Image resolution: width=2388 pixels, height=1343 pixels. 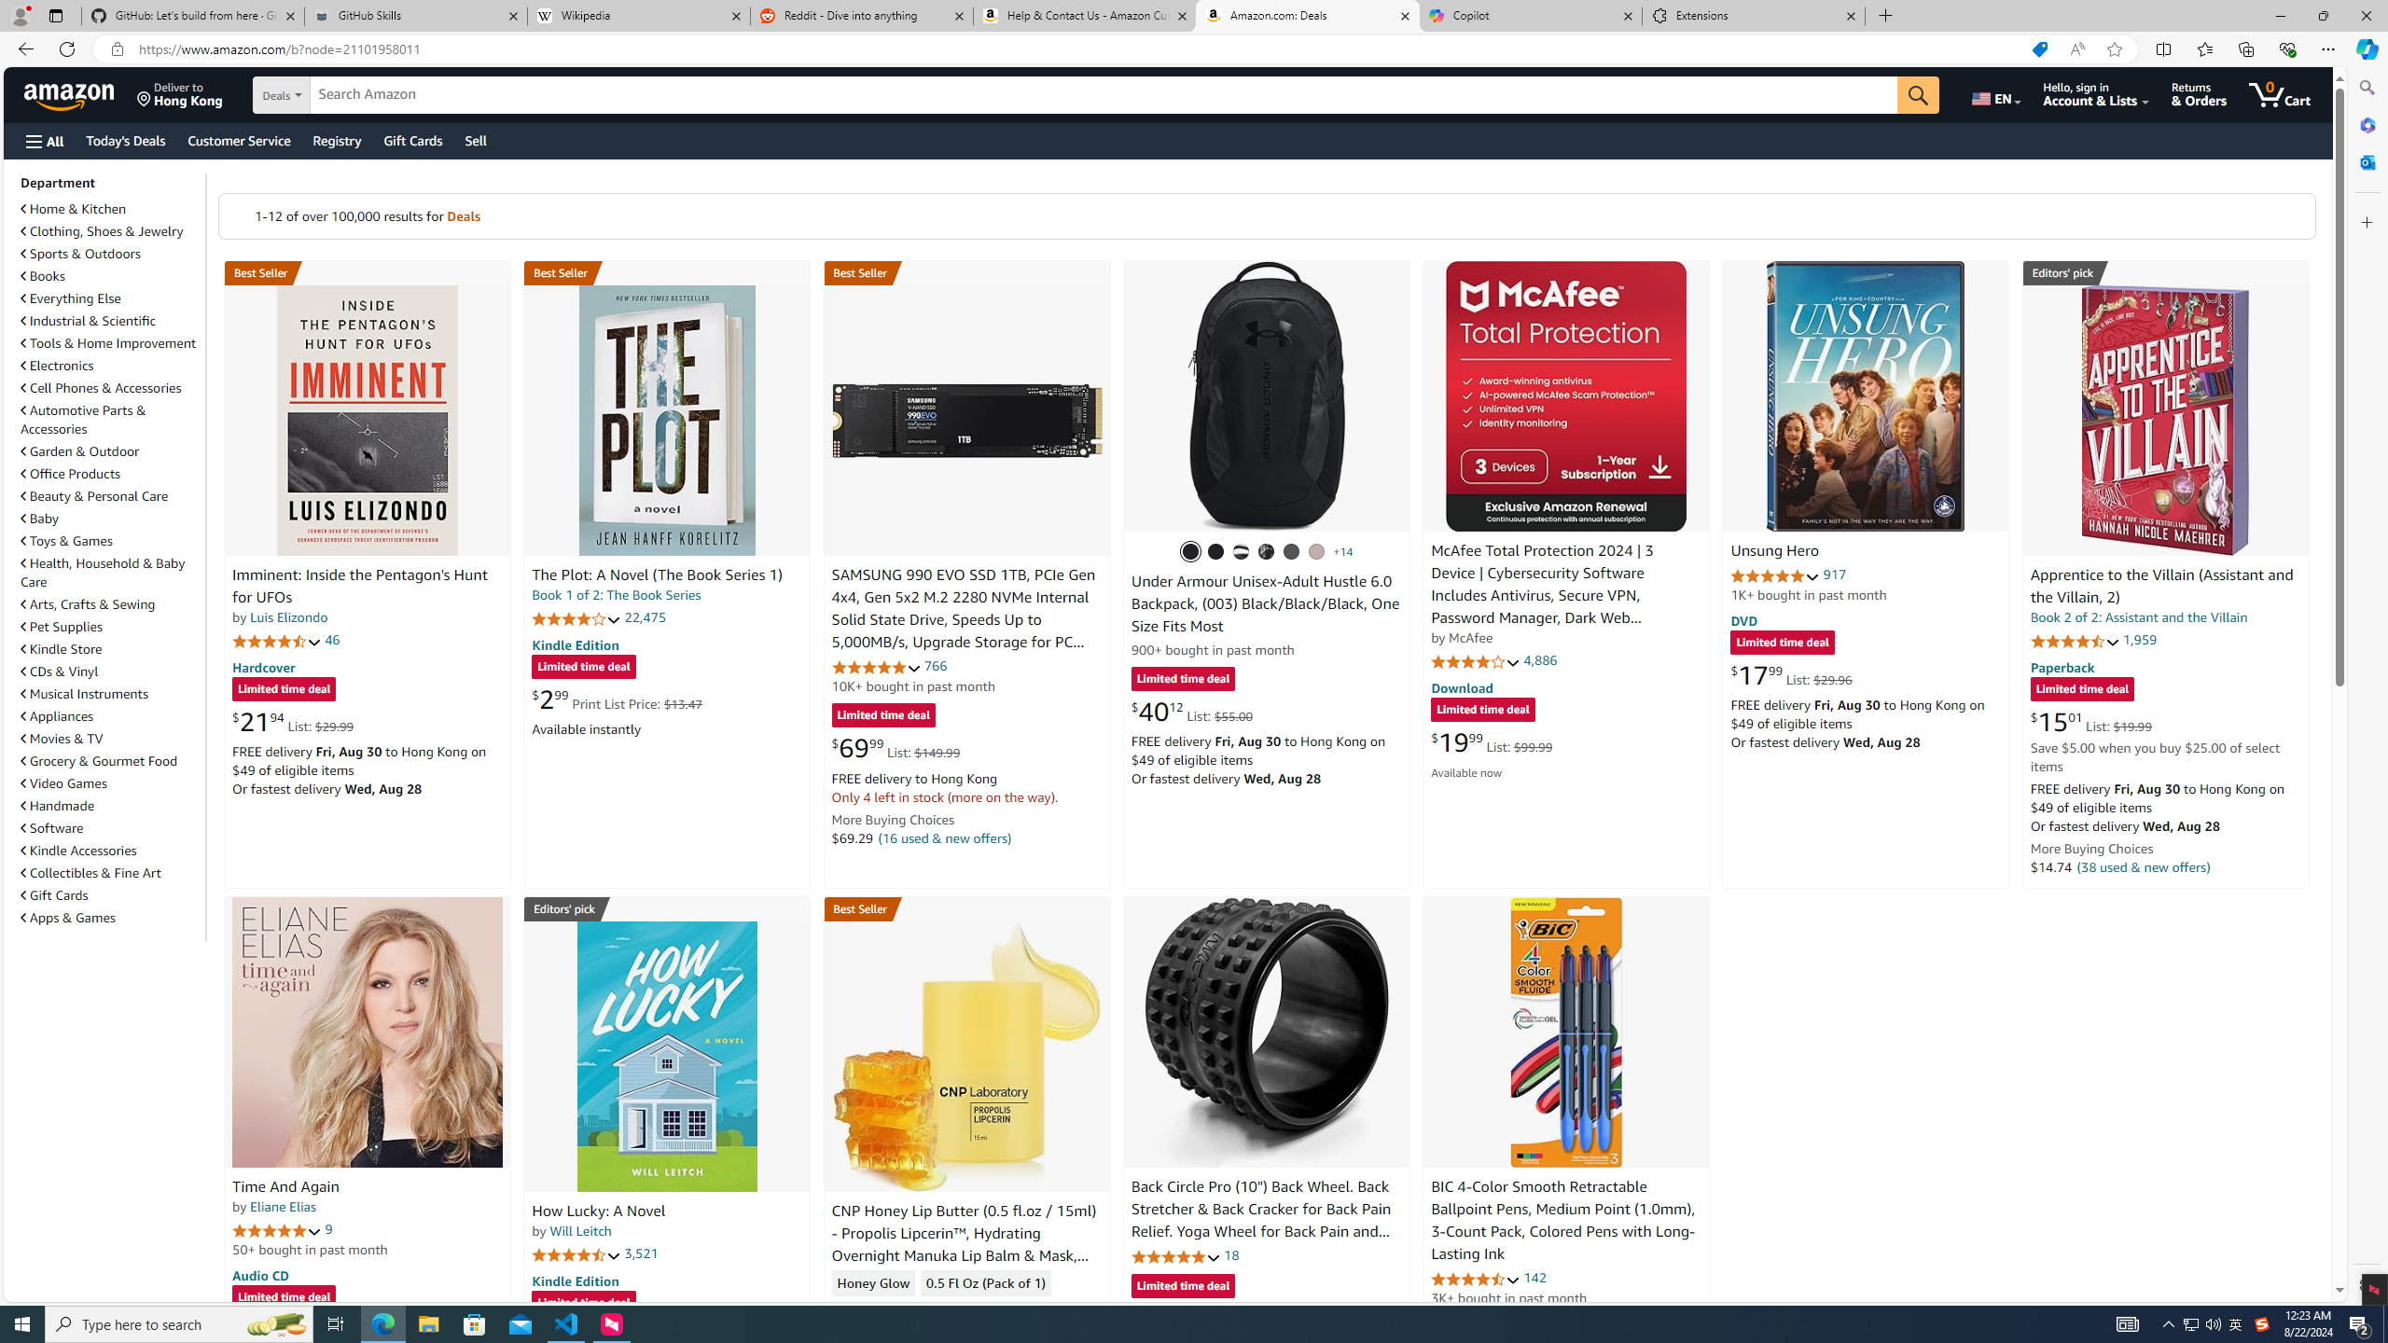 I want to click on 'Health, Household & Baby Care', so click(x=110, y=571).